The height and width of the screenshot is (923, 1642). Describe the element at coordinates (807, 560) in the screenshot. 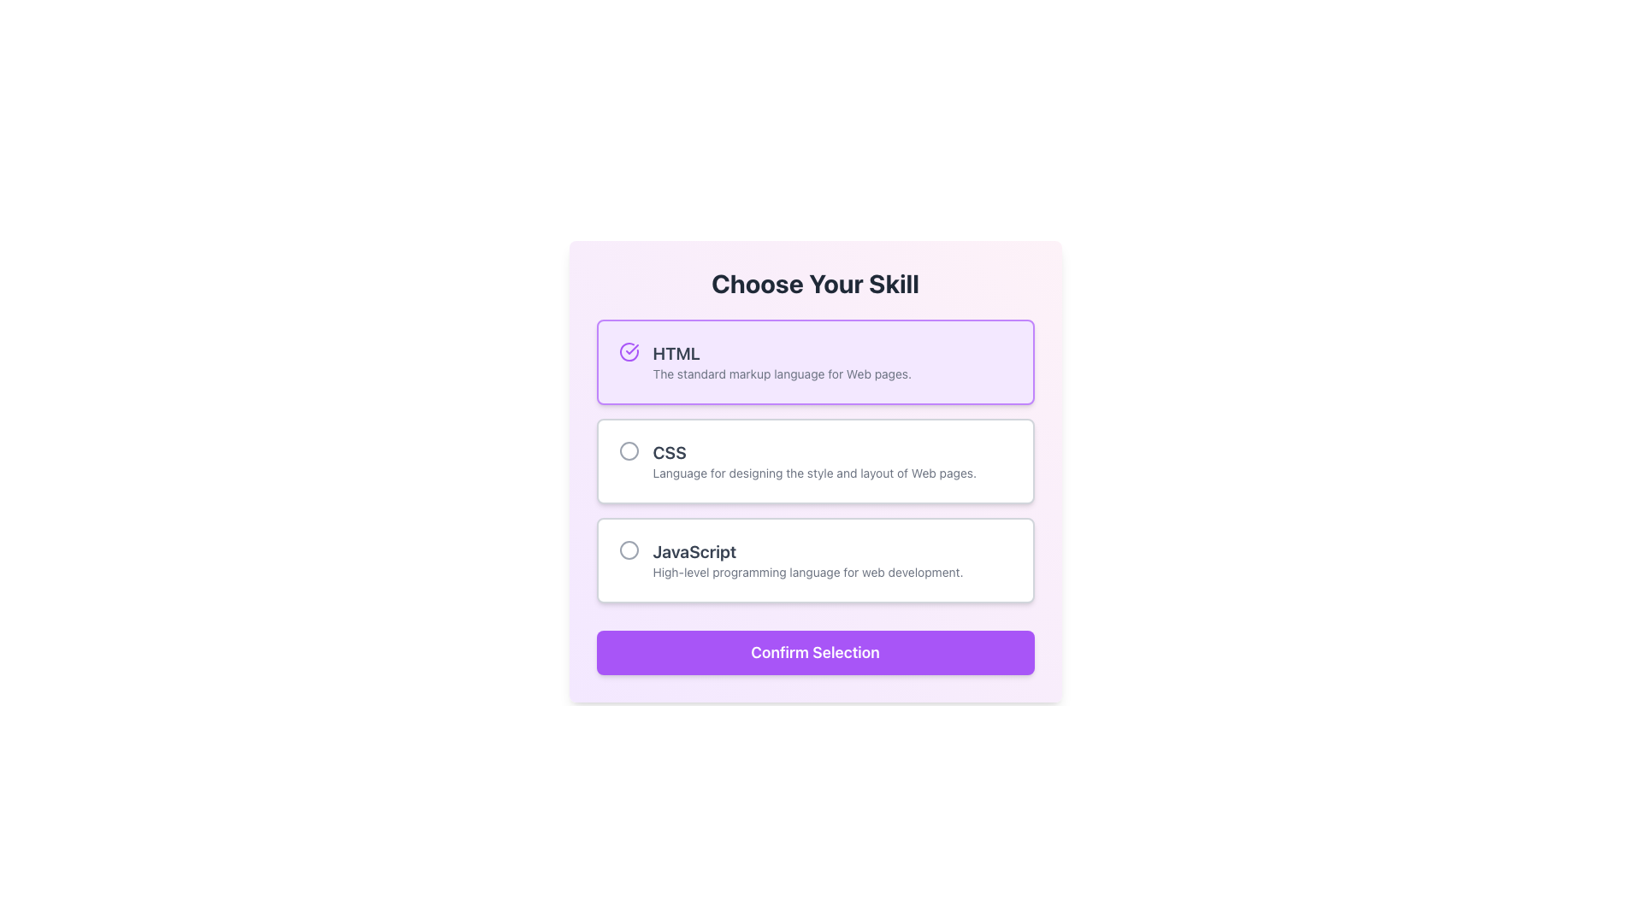

I see `description of the 'JavaScript' text element, which includes a bold title and a subtitle within a rounded rectangular card` at that location.